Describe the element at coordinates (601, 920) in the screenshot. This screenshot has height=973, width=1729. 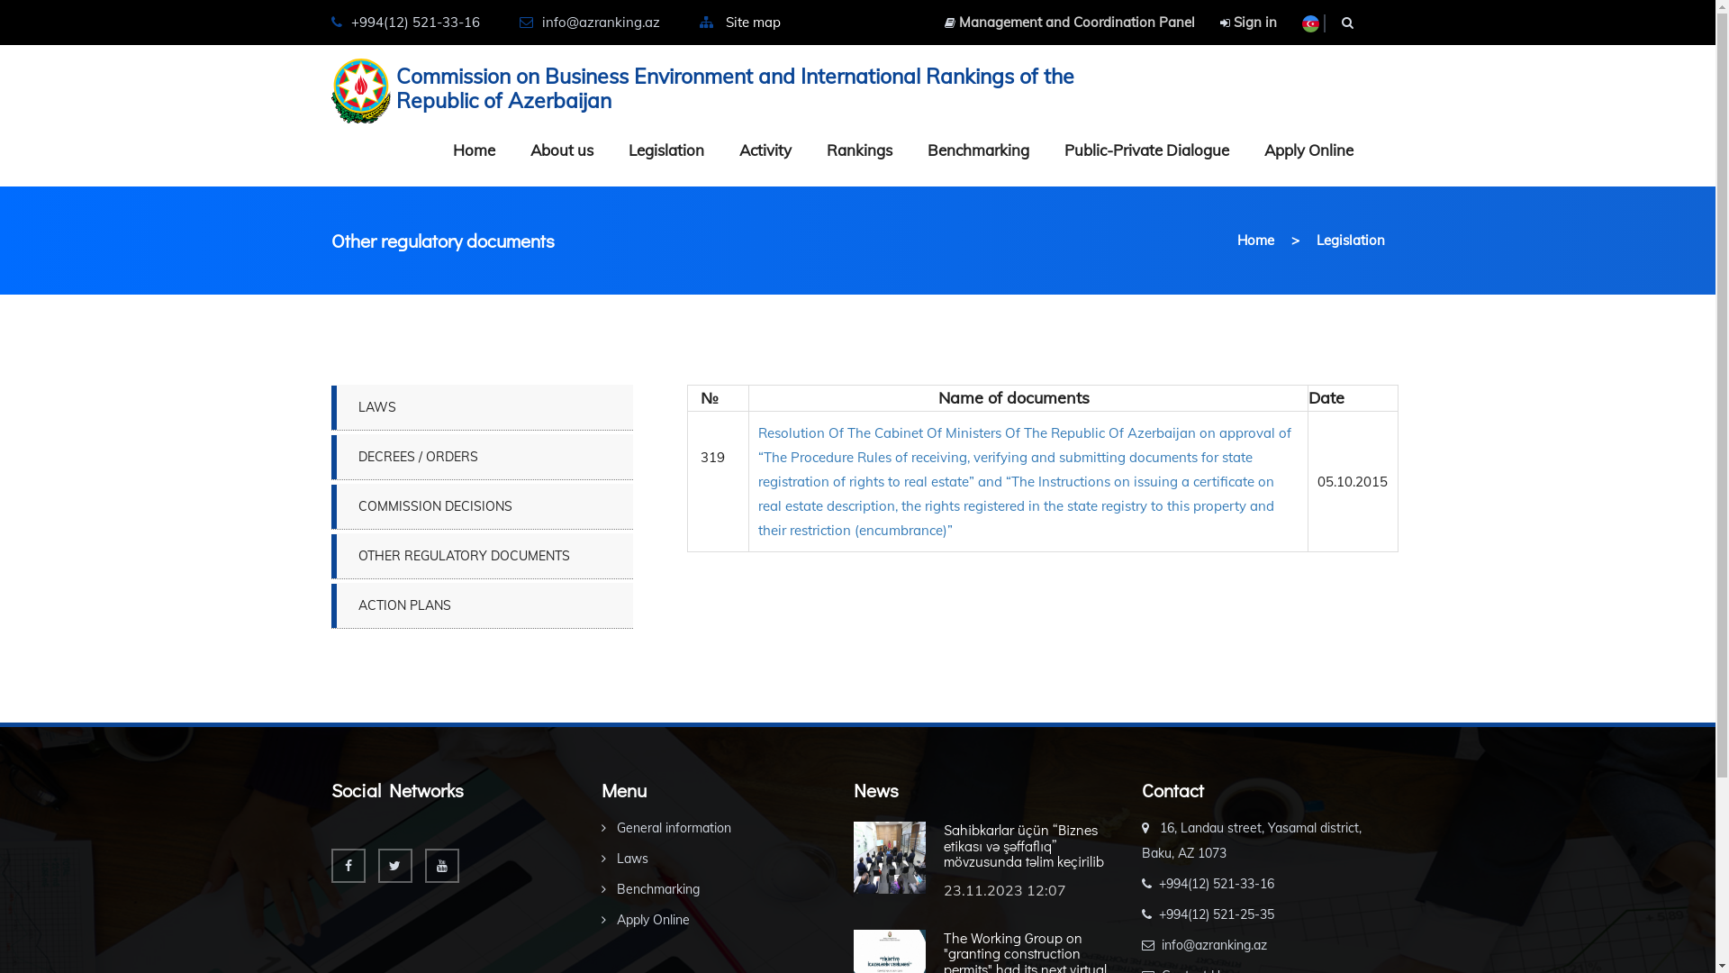
I see `'Apply Online'` at that location.